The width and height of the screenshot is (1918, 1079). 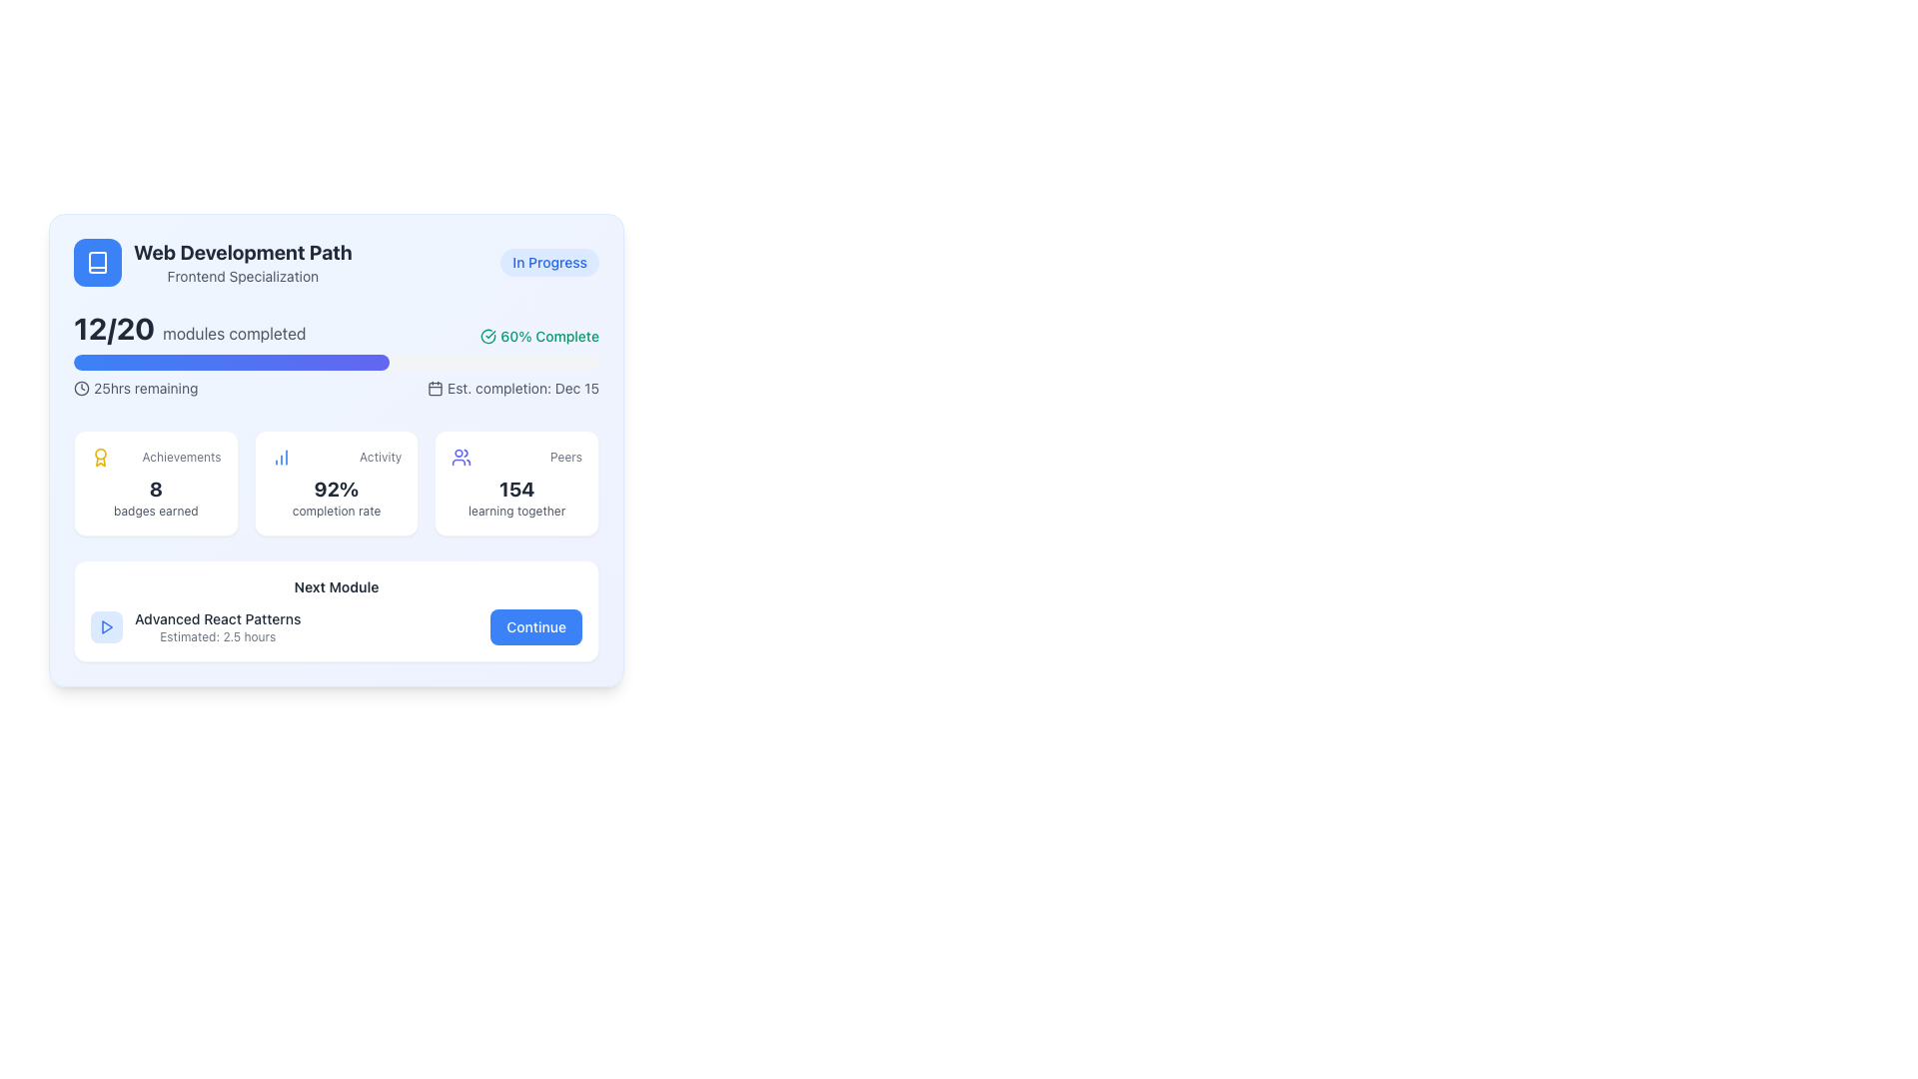 What do you see at coordinates (536, 626) in the screenshot?
I see `the navigation button located at the bottom-right corner of the 'Next Module' section` at bounding box center [536, 626].